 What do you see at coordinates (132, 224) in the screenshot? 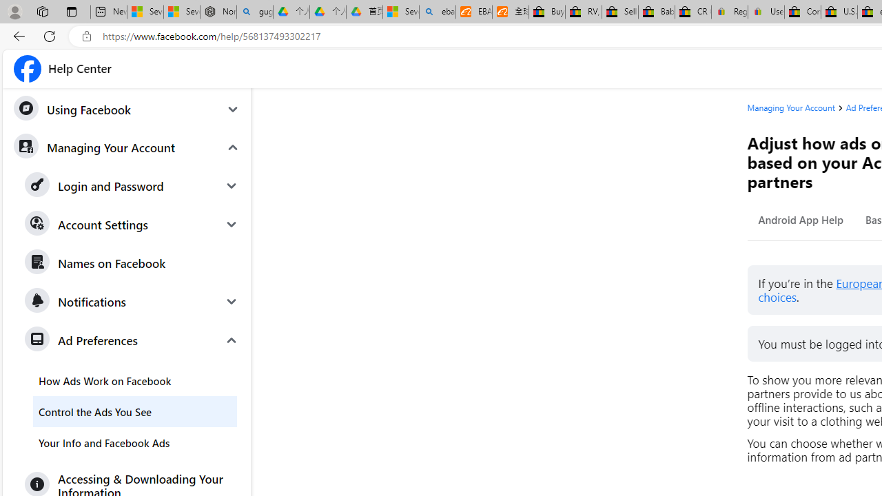
I see `'Account Settings'` at bounding box center [132, 224].